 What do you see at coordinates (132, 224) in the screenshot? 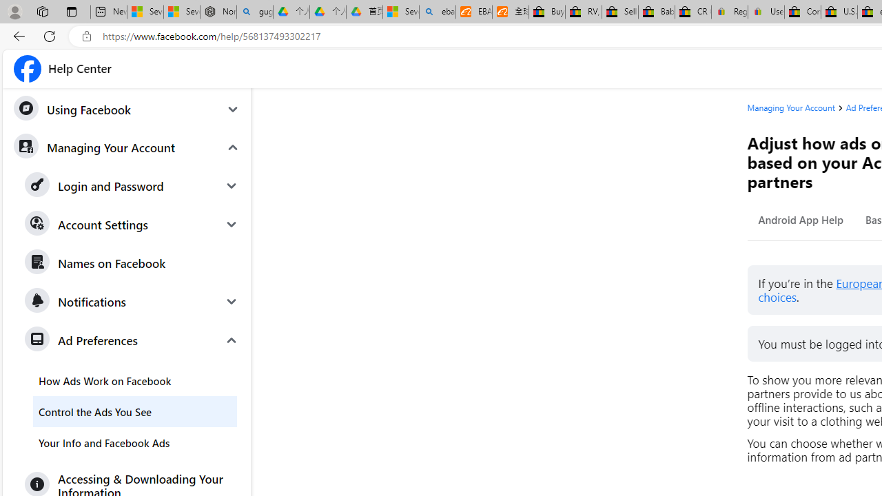
I see `'Account Settings'` at bounding box center [132, 224].